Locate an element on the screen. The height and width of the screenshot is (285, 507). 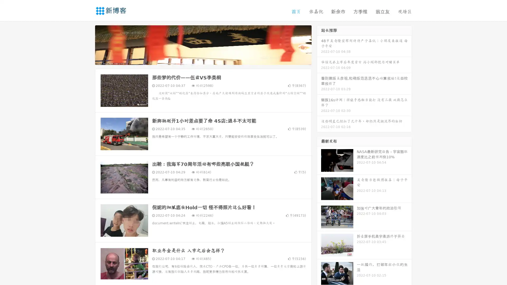
Previous slide is located at coordinates (87, 44).